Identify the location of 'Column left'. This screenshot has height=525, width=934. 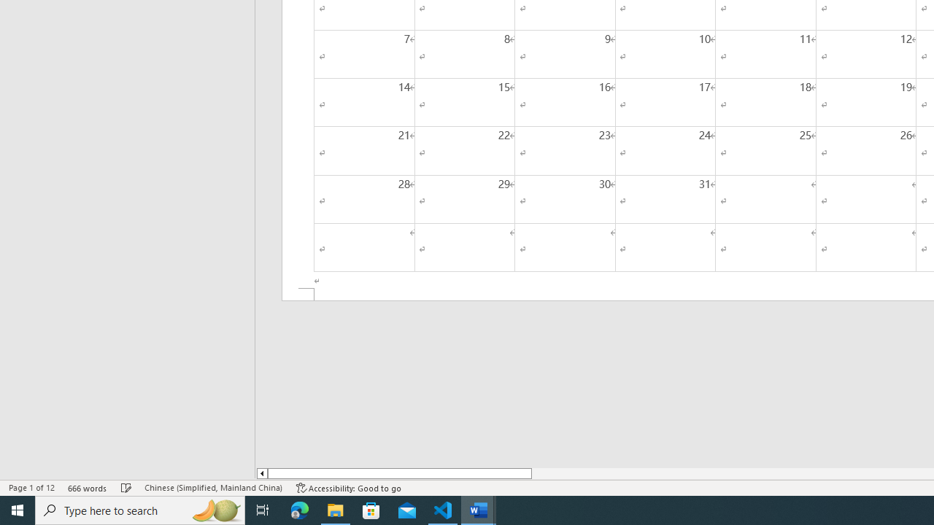
(261, 473).